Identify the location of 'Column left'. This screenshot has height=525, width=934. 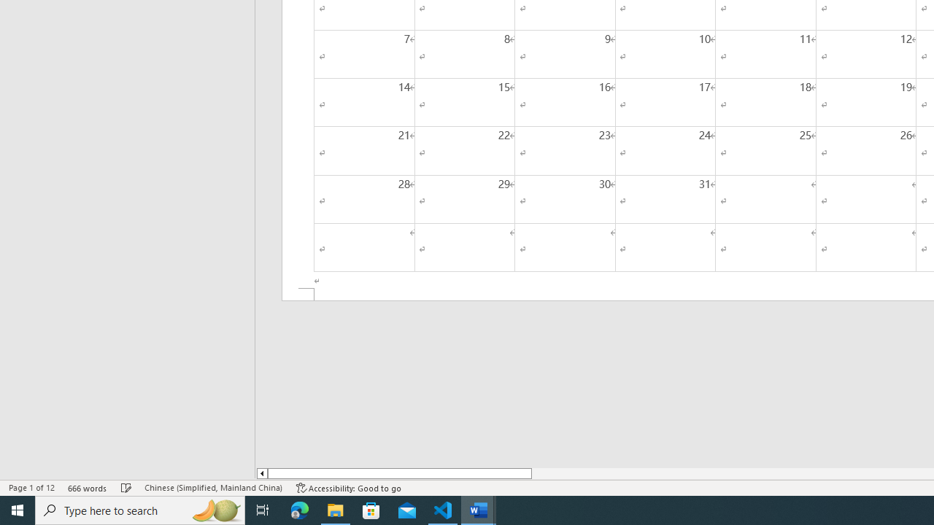
(261, 473).